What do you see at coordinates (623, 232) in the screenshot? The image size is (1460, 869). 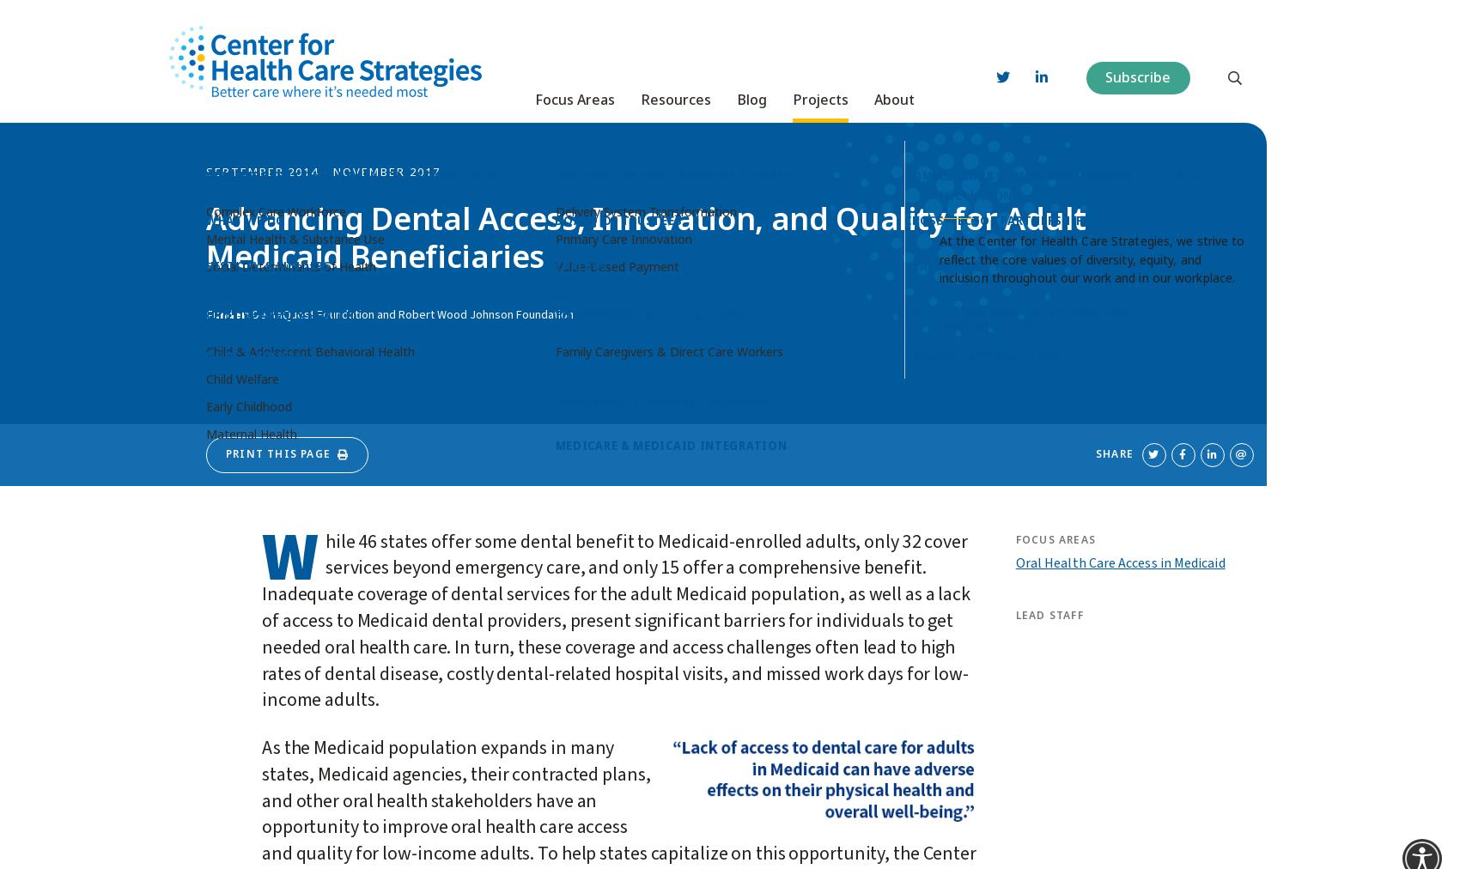 I see `'Primary Care Innovation'` at bounding box center [623, 232].